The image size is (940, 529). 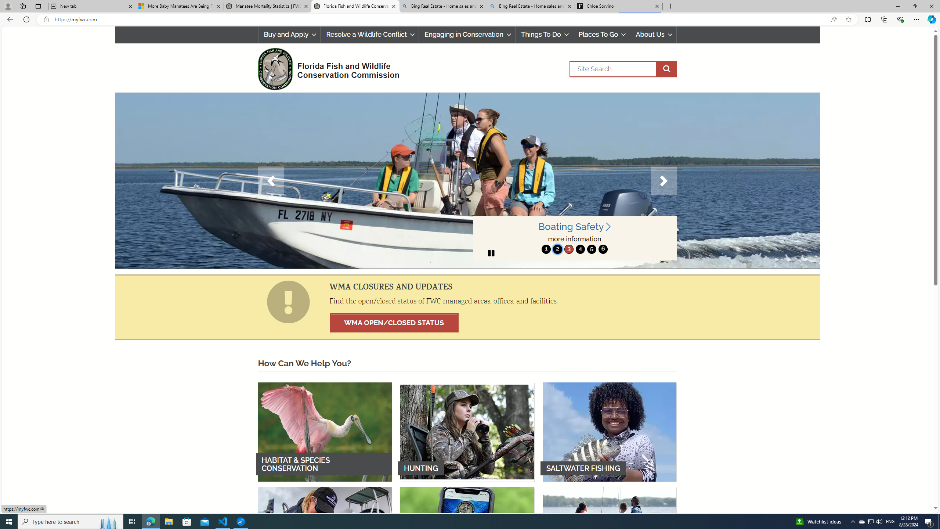 I want to click on 'SALTWATER FISHING', so click(x=609, y=432).